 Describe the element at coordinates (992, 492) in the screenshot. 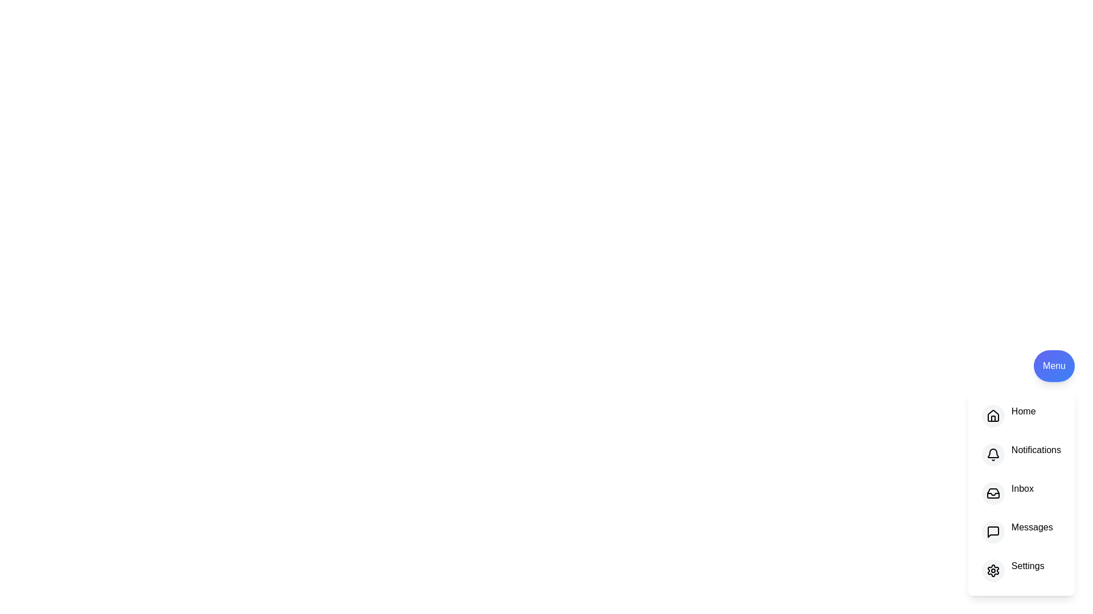

I see `the option Inbox from the menu` at that location.